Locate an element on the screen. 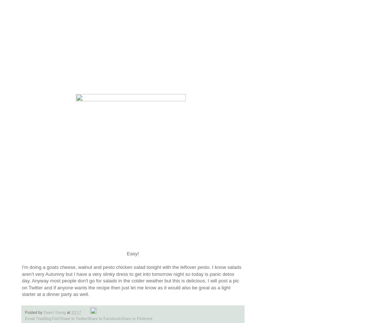  'at' is located at coordinates (68, 311).